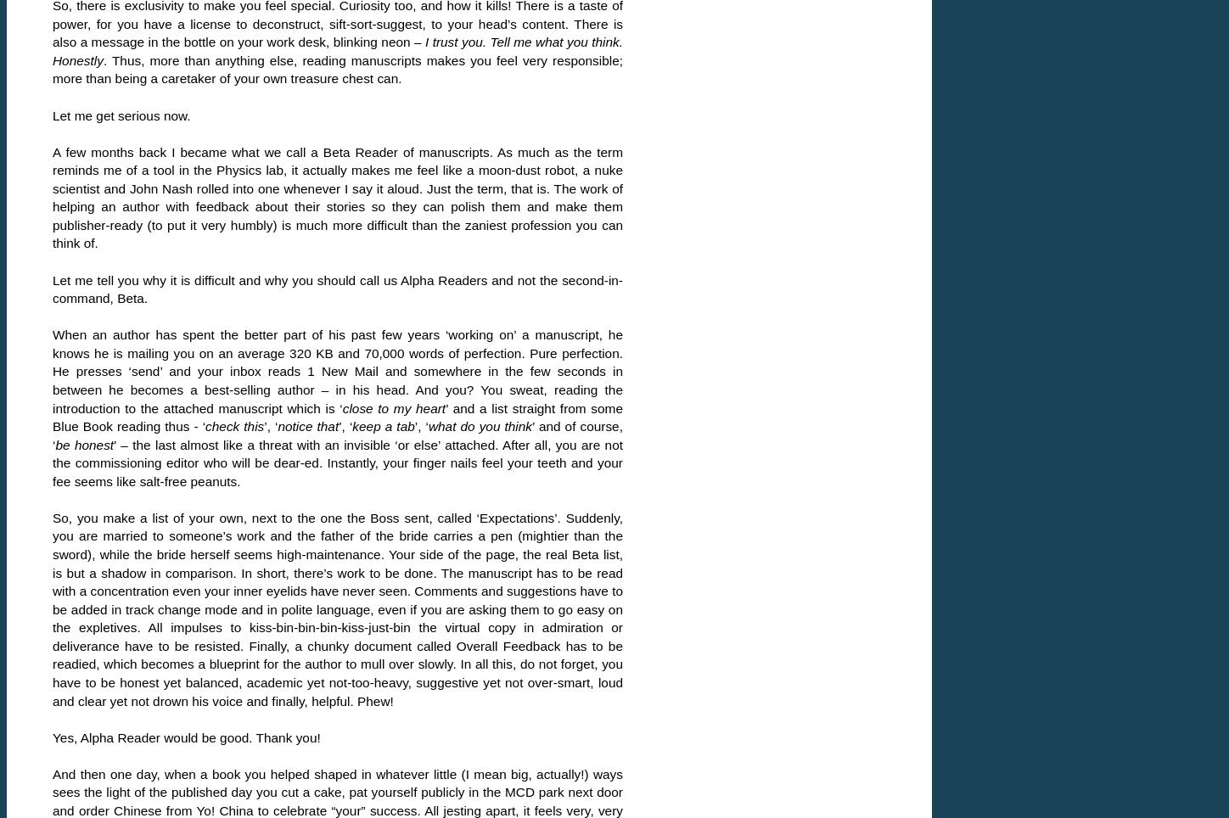  Describe the element at coordinates (52, 608) in the screenshot. I see `'So, you make a list of your own, next to the one the Boss sent, called ‘Expectations’. Suddenly, you are married to someone’s work and the father of the bride carries a pen (mightier than the sword), while the bride herself seems high-maintenance. Your side of the page, the real Beta list, is but a shadow in comparison. In short, there’s work to be done. The manuscript has to be read with a concentration even your inner eyelids have never seen. Comments and suggestions have to be added in track change mode and in polite language, even if you are asking them to go easy on the expletives. All impulses to kiss-bin-bin-bin-kiss-just-bin the virtual copy in admiration or deliverance have to be resisted. Finally, a chunky document called Overall Feedback has to be readied, which becomes a blueprint for the author to mull over slowly. In all this, do not forget, you have to be honest yet balanced, academic yet not-too-heavy, suggestive yet not over-smart, loud and clear yet not drown his voice and finally, helpful. Phew!'` at that location.